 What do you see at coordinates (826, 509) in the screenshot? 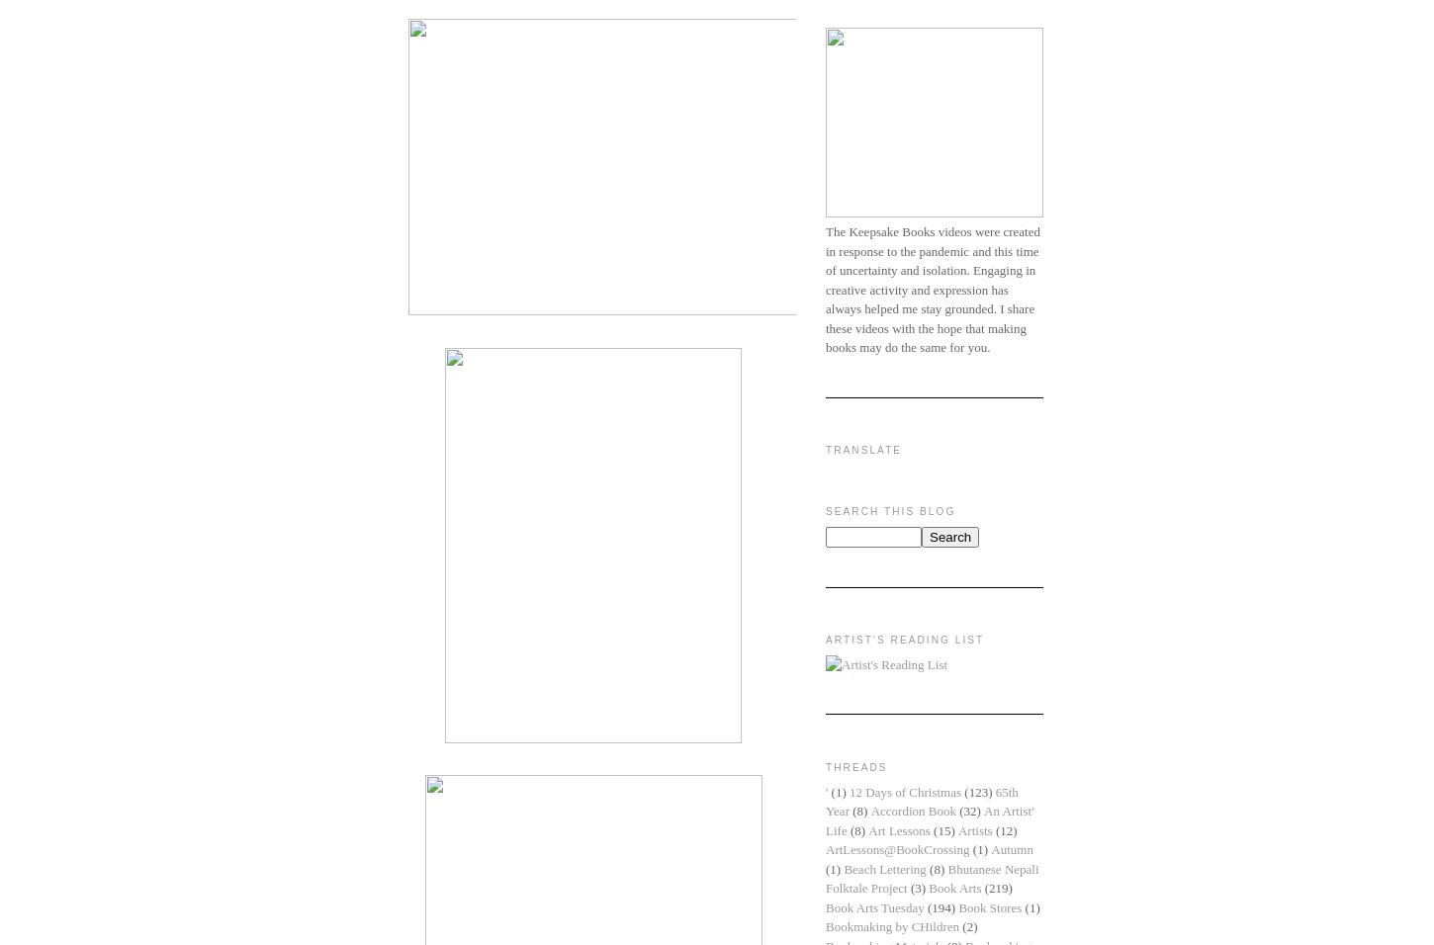
I see `'Search This Blog'` at bounding box center [826, 509].